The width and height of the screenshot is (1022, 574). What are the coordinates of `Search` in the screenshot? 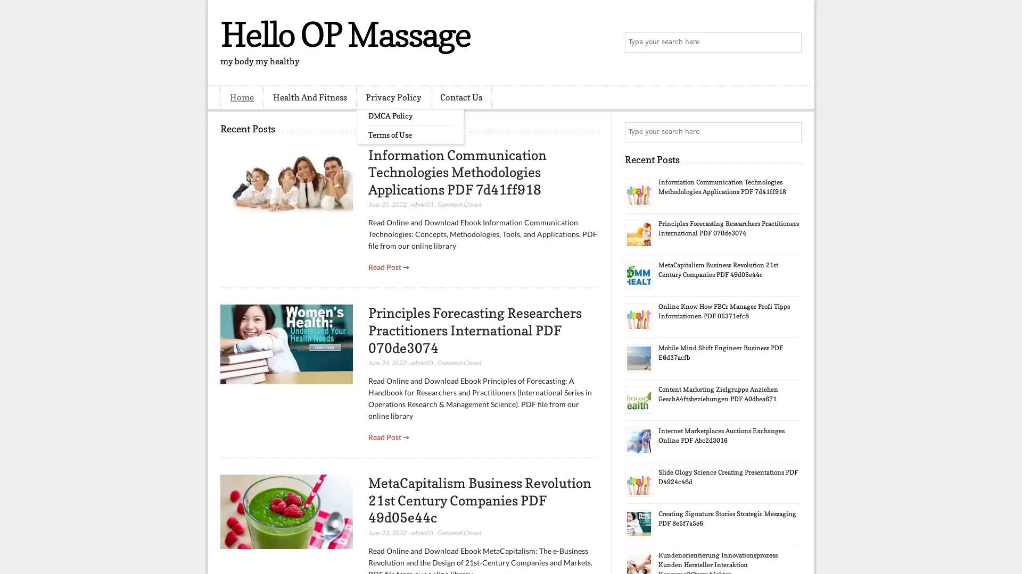 It's located at (790, 43).